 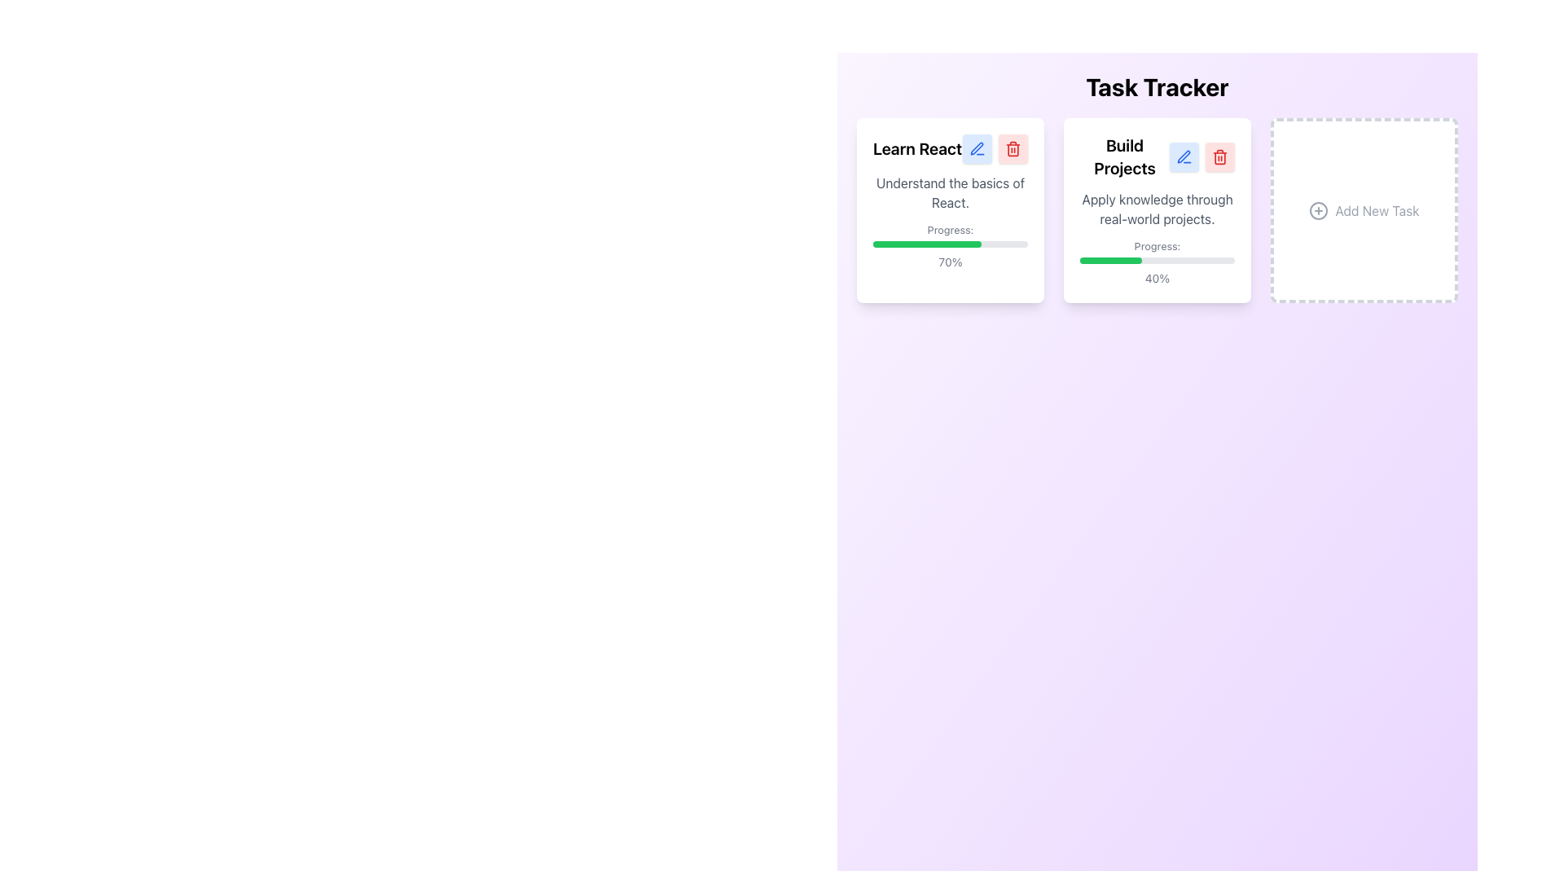 What do you see at coordinates (977, 148) in the screenshot?
I see `the 'Edit' button located at the top right corner of the 'Learn React' task card to modify the task details` at bounding box center [977, 148].